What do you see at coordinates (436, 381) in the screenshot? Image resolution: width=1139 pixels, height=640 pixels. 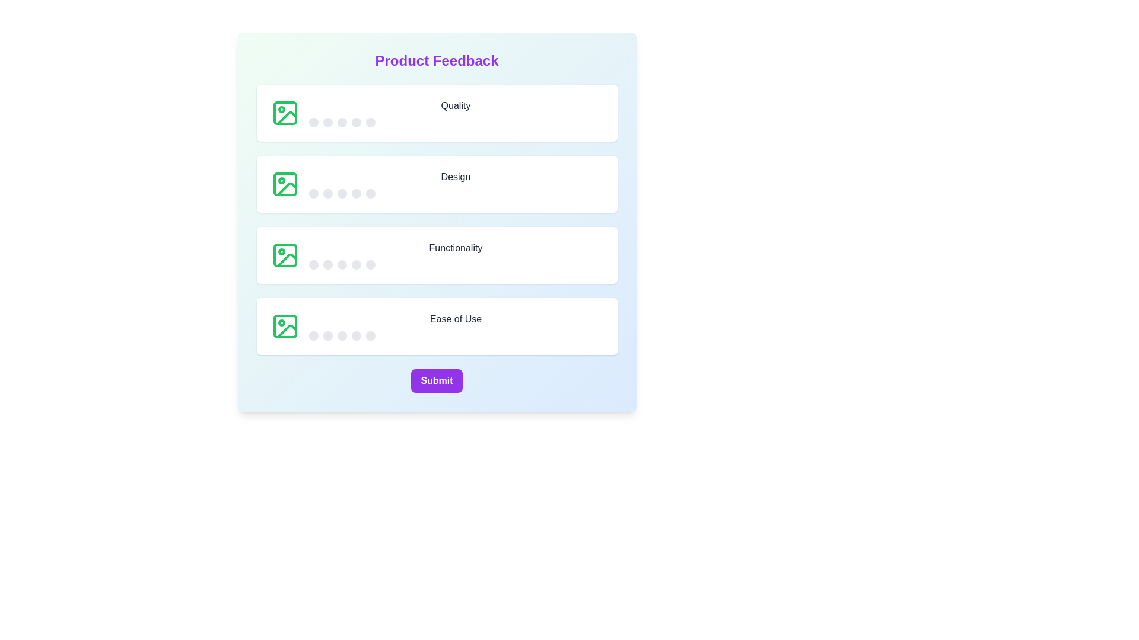 I see `'Submit' button to submit the feedback` at bounding box center [436, 381].